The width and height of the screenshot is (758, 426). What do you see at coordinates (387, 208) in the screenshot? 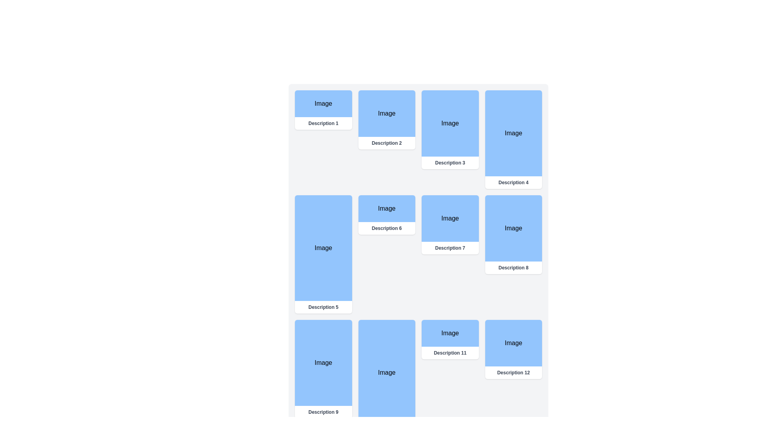
I see `the Image Placeholder located in the second row and third column, labeled 'Description 6'` at bounding box center [387, 208].